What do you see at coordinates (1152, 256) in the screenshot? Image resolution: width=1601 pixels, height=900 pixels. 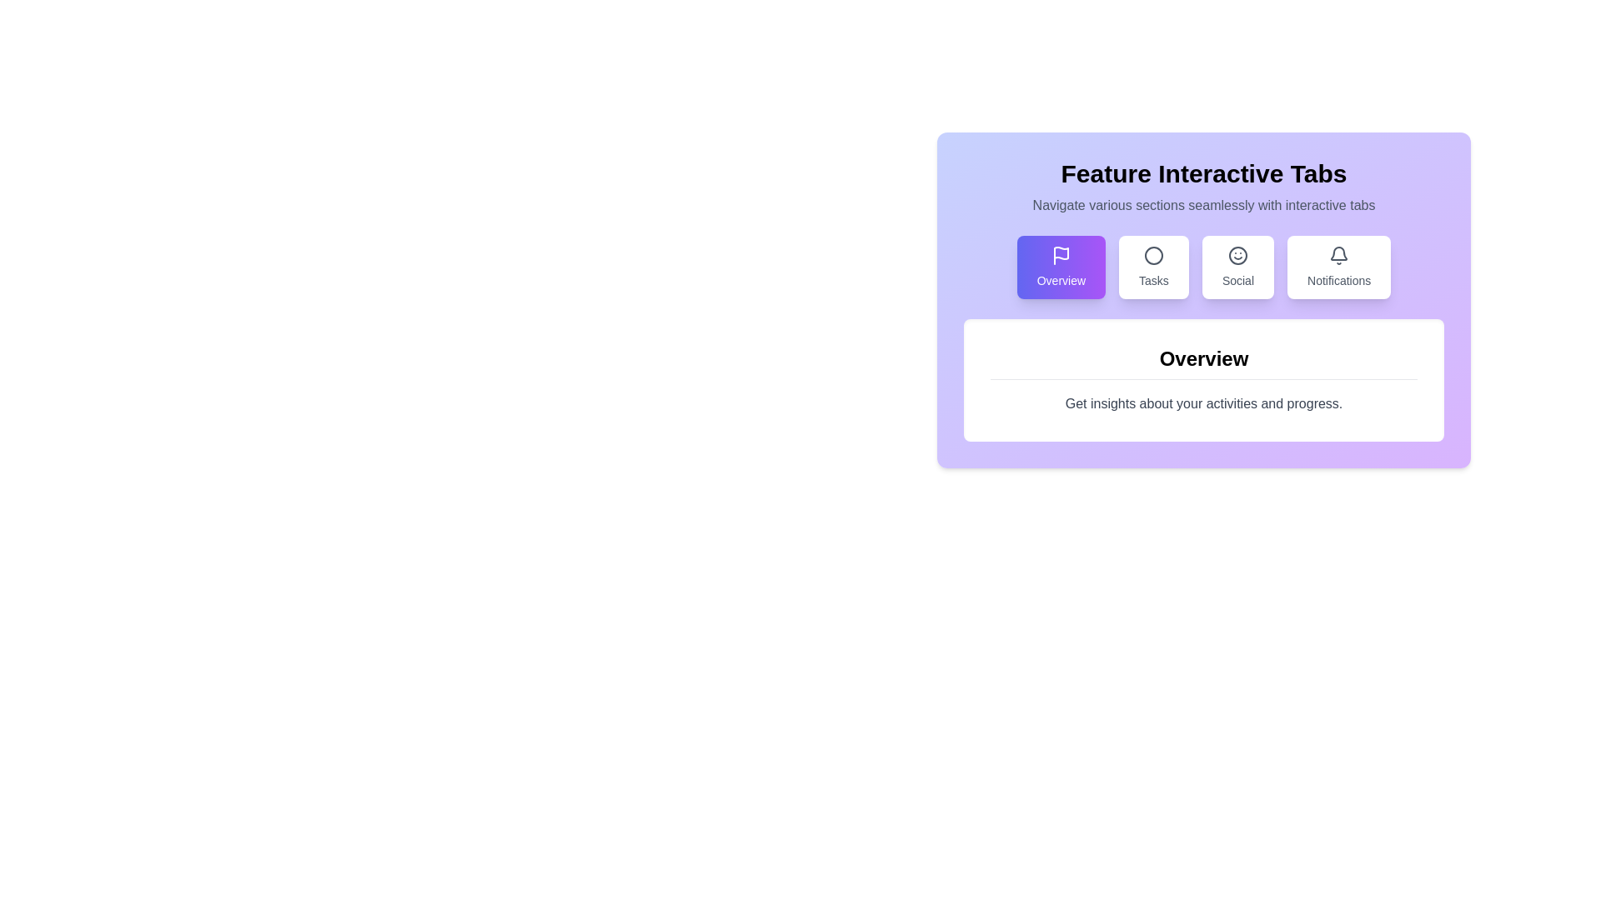 I see `the decorative icon above the 'Tasks' button, which symbolizes pending tasks or activity` at bounding box center [1152, 256].